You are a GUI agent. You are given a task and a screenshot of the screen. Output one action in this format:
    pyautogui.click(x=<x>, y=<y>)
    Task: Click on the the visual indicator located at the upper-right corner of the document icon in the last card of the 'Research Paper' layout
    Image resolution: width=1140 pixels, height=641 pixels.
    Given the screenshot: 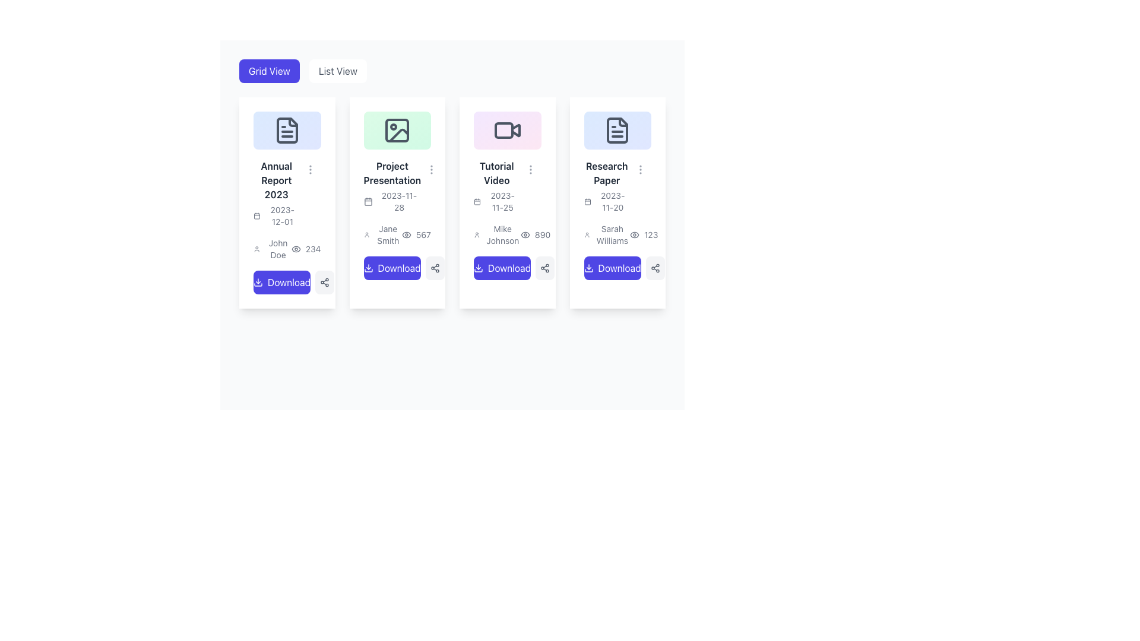 What is the action you would take?
    pyautogui.click(x=623, y=122)
    